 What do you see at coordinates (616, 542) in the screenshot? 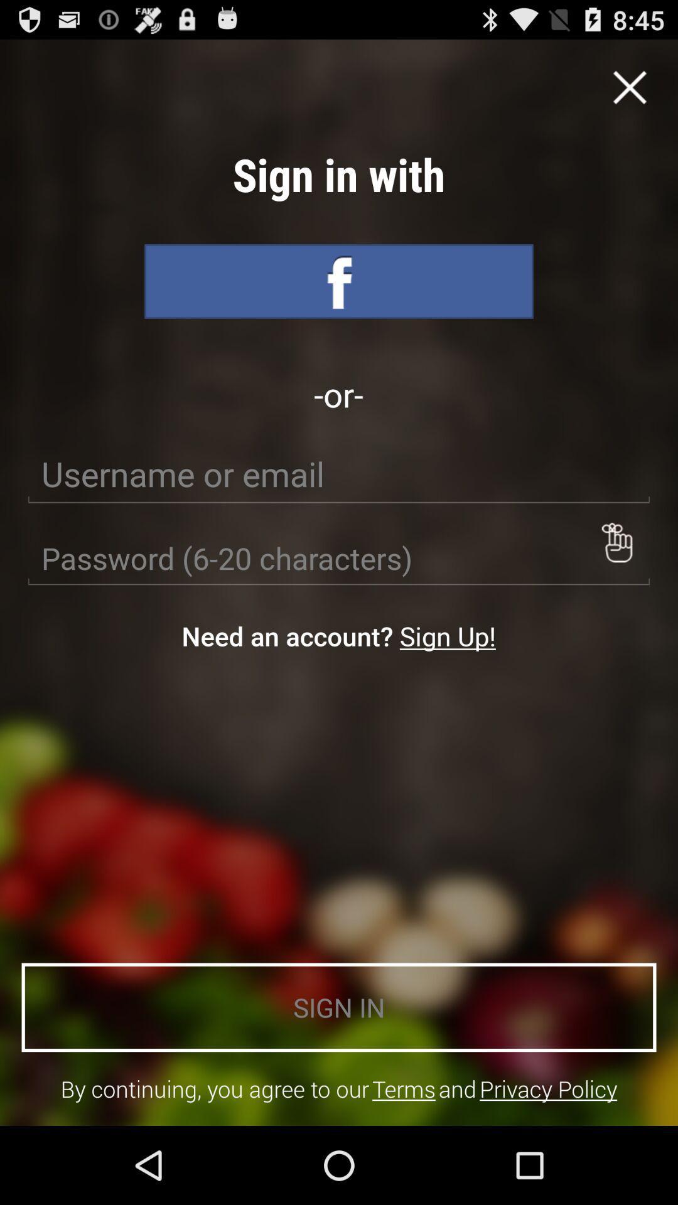
I see `icon on the right` at bounding box center [616, 542].